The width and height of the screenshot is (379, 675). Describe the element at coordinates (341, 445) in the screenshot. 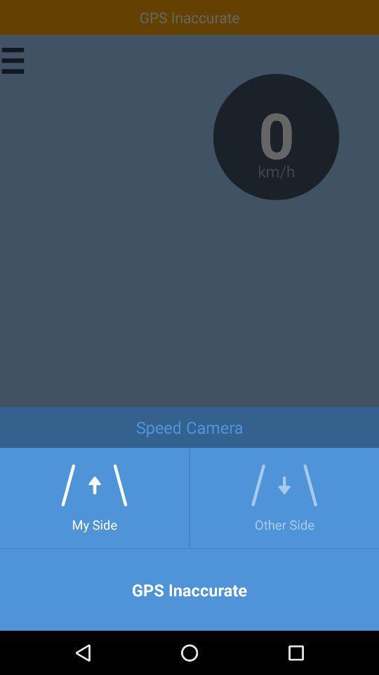

I see `the minus icon` at that location.